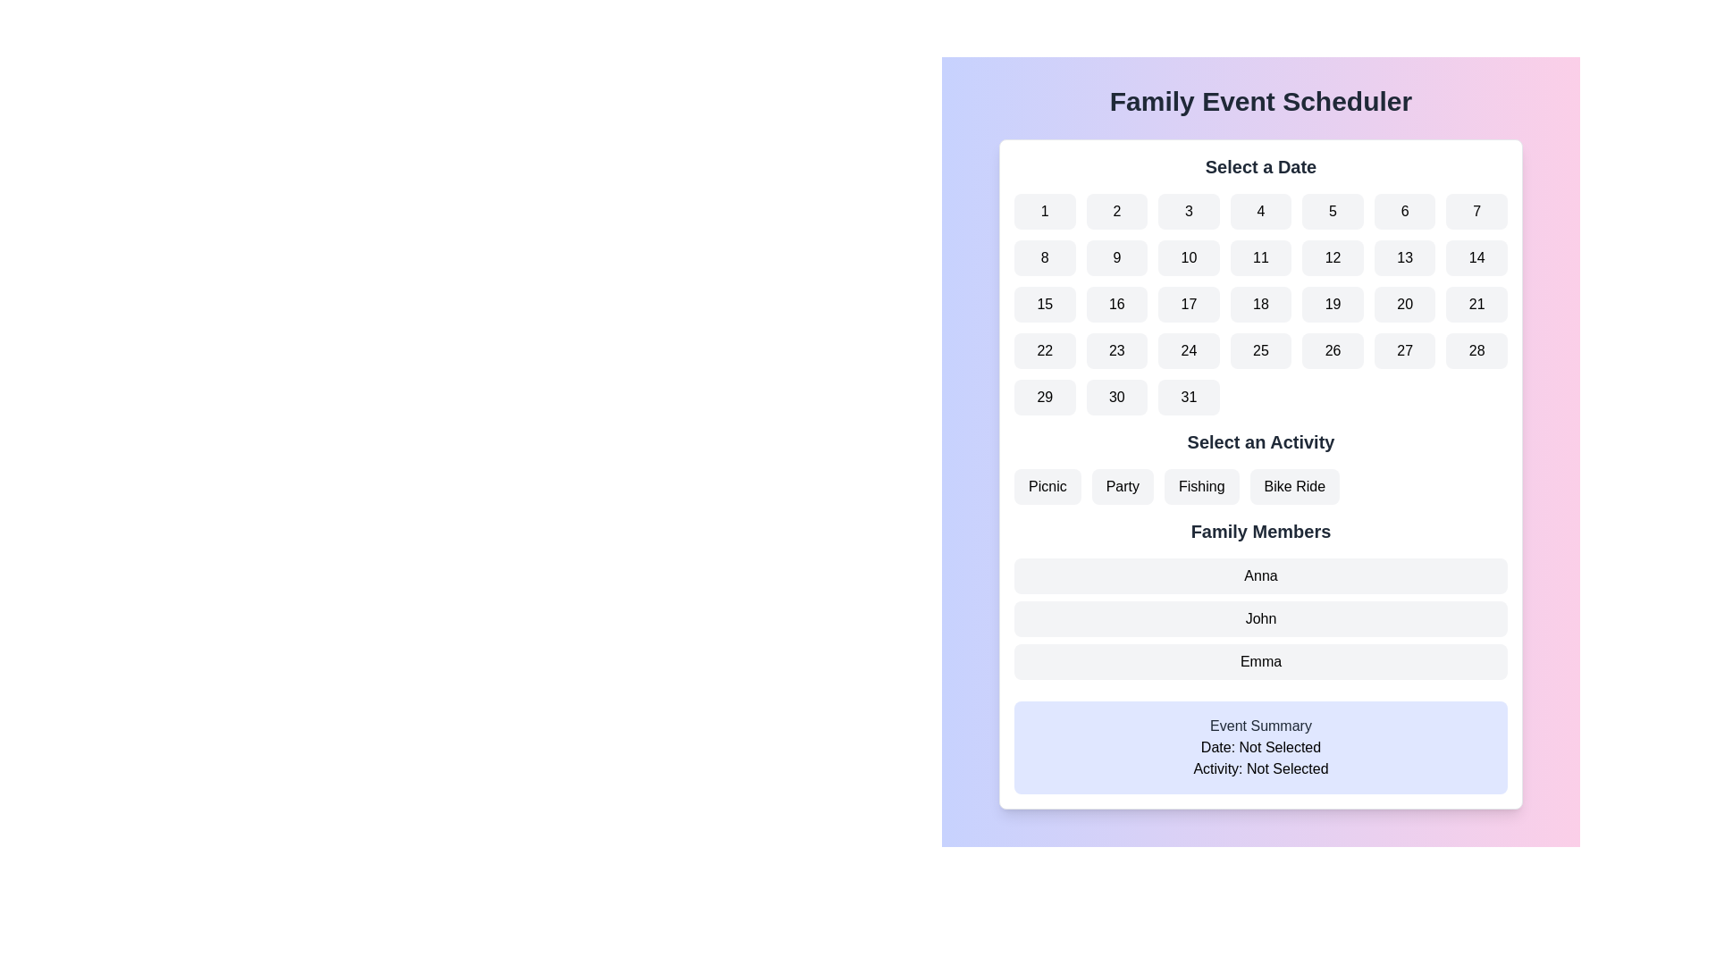 The image size is (1716, 965). What do you see at coordinates (1115, 303) in the screenshot?
I see `the rounded rectangular button with a light gray background and the number '16' displayed in black text, which is the second item in the third row of the calendar interface` at bounding box center [1115, 303].